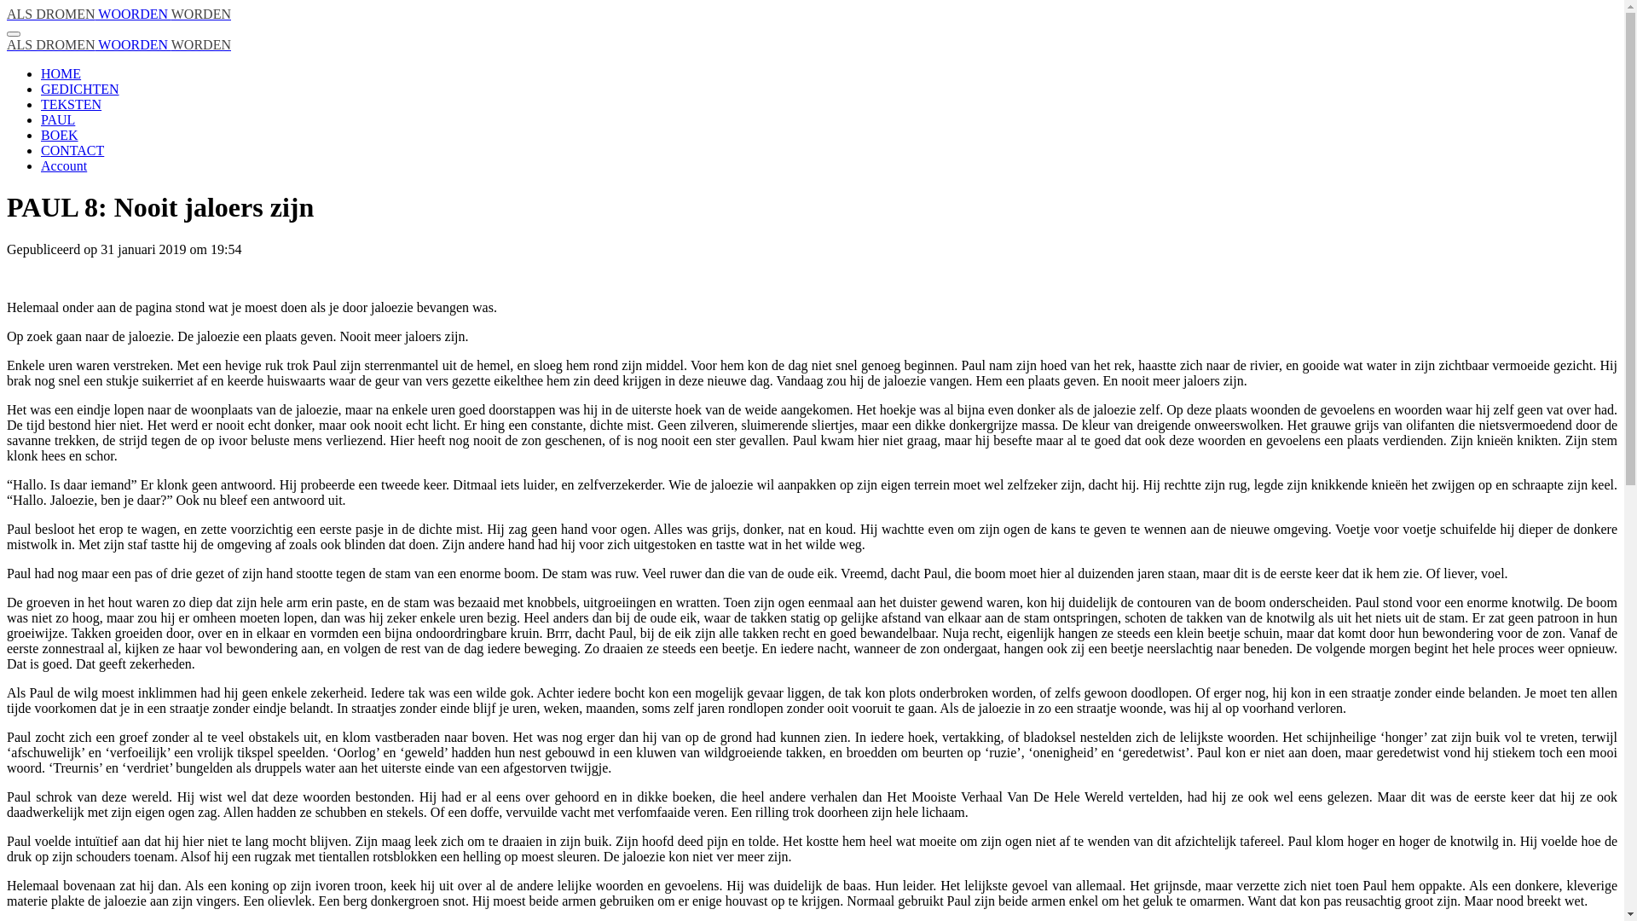 The width and height of the screenshot is (1637, 921). I want to click on 'ALS DROMEN WOORDEN WORDEN', so click(118, 14).